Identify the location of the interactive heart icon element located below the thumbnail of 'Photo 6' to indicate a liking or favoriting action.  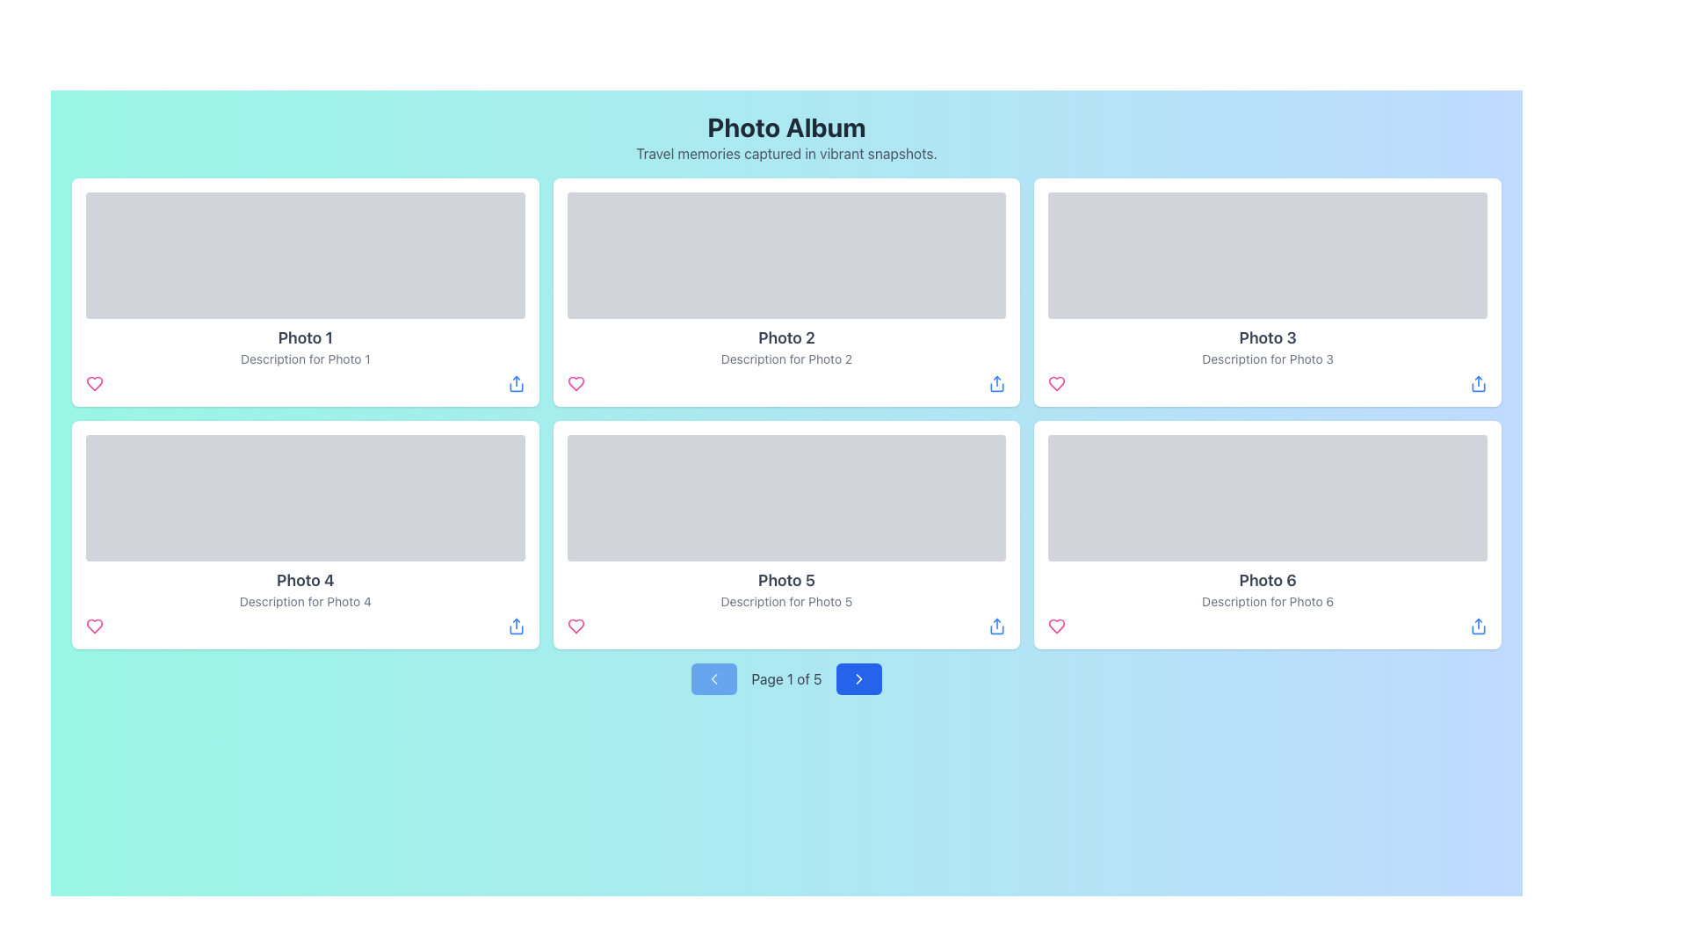
(576, 382).